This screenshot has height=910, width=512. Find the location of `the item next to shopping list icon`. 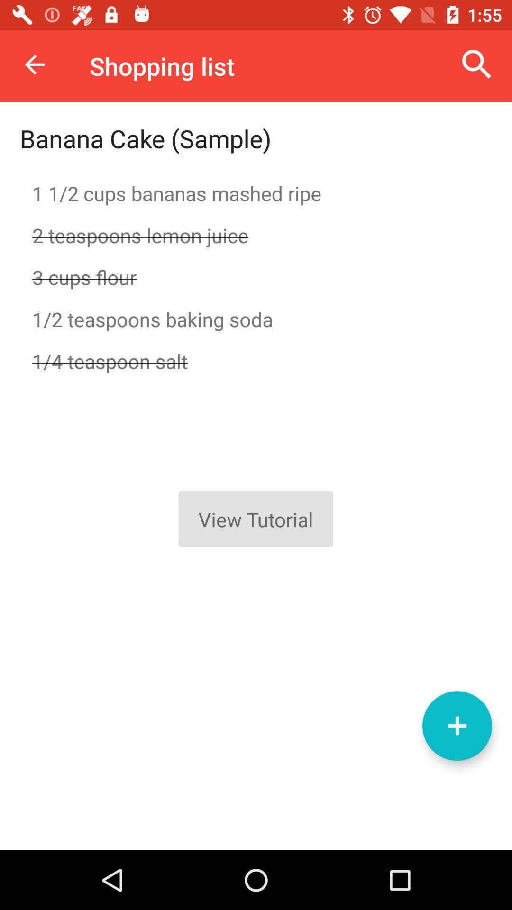

the item next to shopping list icon is located at coordinates (477, 64).